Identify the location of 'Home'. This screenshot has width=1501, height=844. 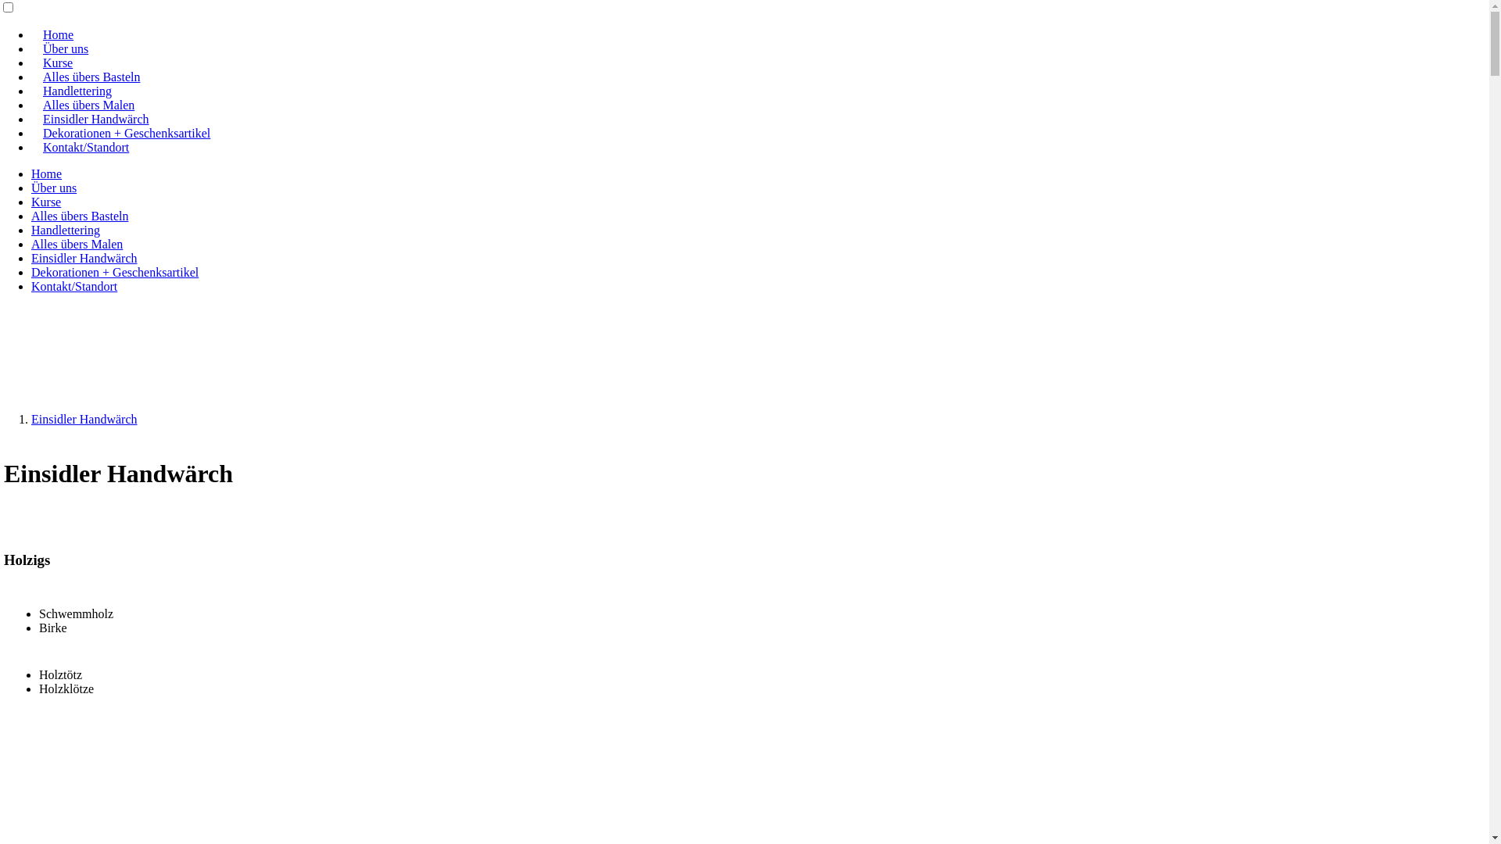
(58, 34).